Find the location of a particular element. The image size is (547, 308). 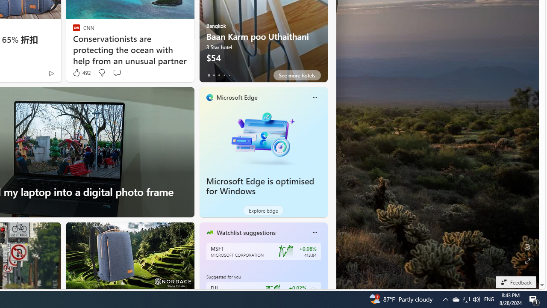

'See more hotels' is located at coordinates (297, 75).